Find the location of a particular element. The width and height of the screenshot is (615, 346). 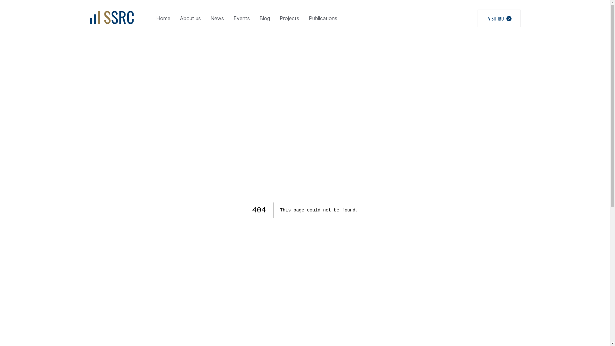

'News' is located at coordinates (217, 18).